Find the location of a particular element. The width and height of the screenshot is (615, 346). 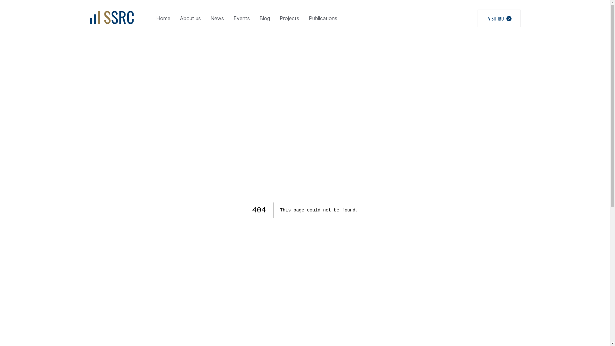

'News' is located at coordinates (217, 18).